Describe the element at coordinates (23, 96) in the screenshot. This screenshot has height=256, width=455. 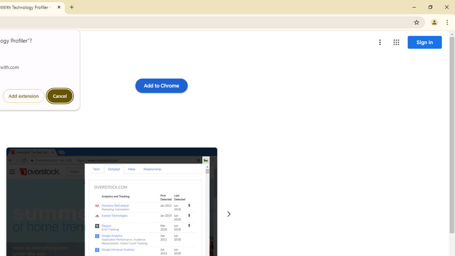
I see `'Add extension'` at that location.